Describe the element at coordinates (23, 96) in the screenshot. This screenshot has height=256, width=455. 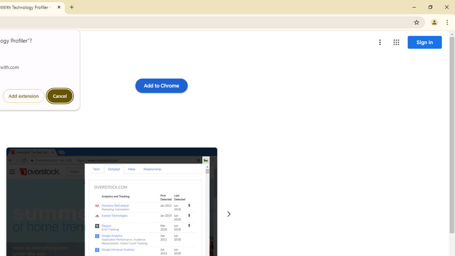
I see `'Add extension'` at that location.